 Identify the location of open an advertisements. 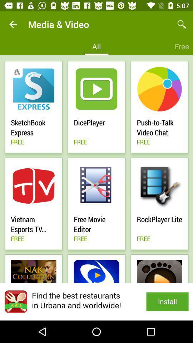
(96, 301).